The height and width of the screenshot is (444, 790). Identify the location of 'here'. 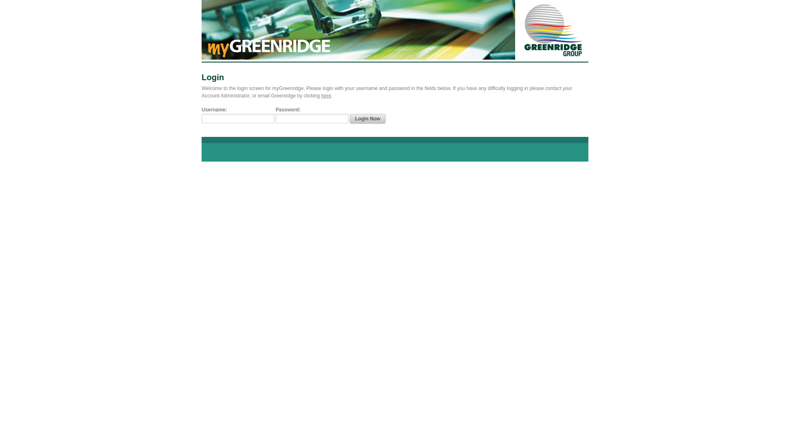
(325, 95).